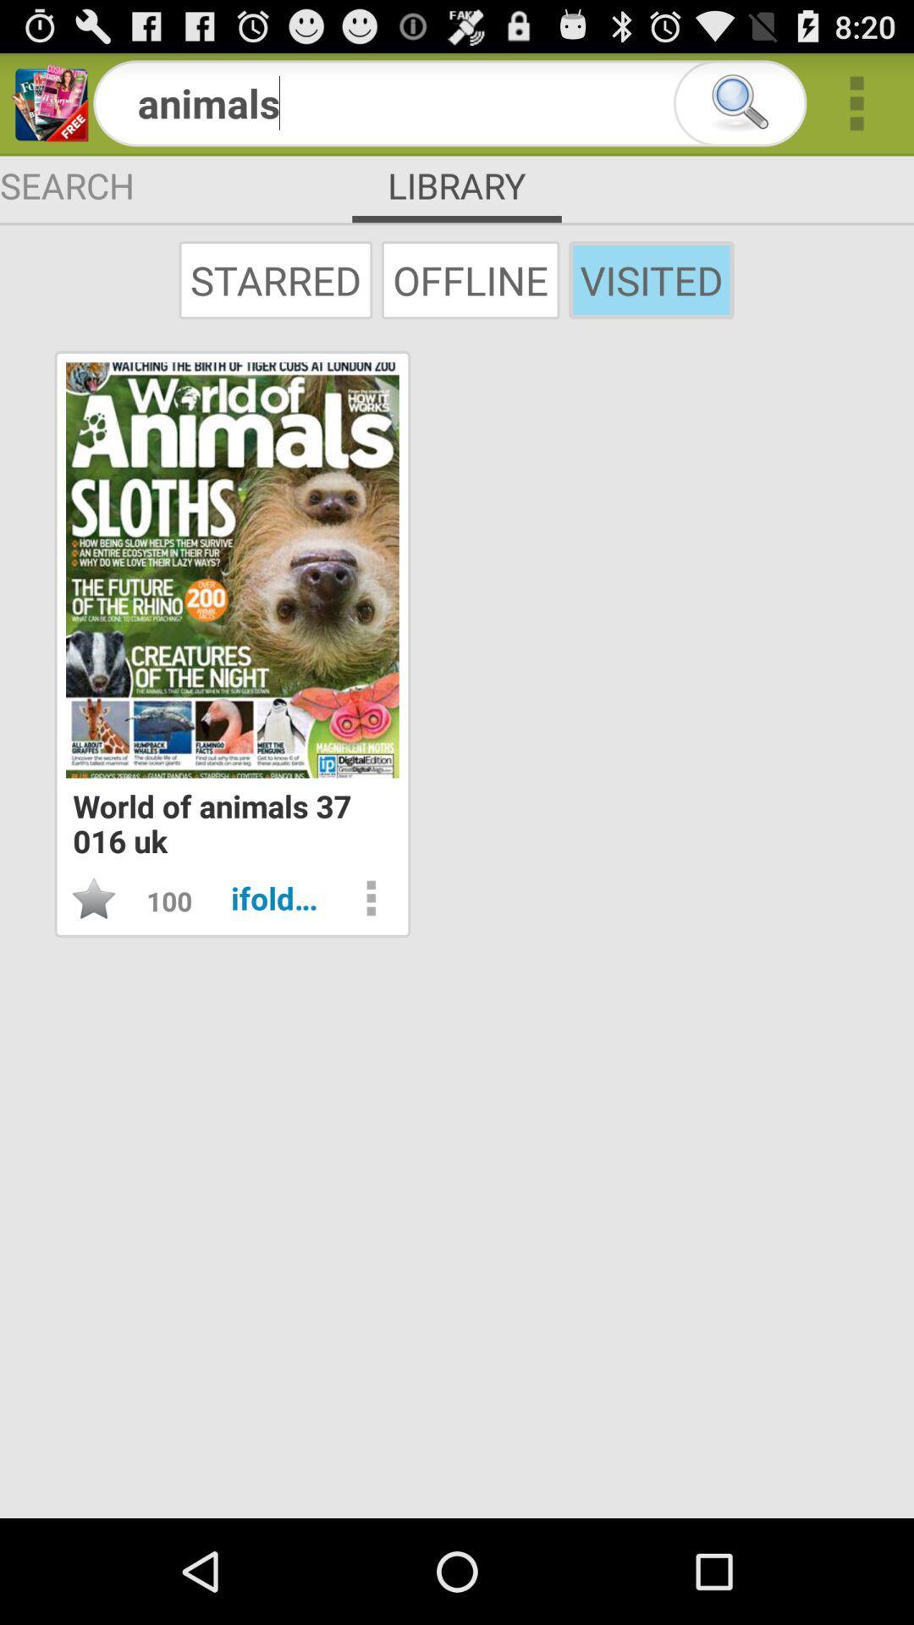 This screenshot has width=914, height=1625. I want to click on the search icon, so click(739, 109).